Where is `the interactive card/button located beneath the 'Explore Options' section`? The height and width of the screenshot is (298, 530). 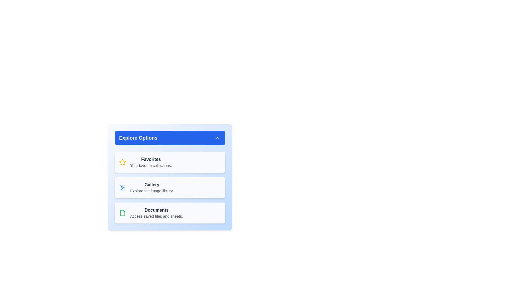
the interactive card/button located beneath the 'Explore Options' section is located at coordinates (169, 187).